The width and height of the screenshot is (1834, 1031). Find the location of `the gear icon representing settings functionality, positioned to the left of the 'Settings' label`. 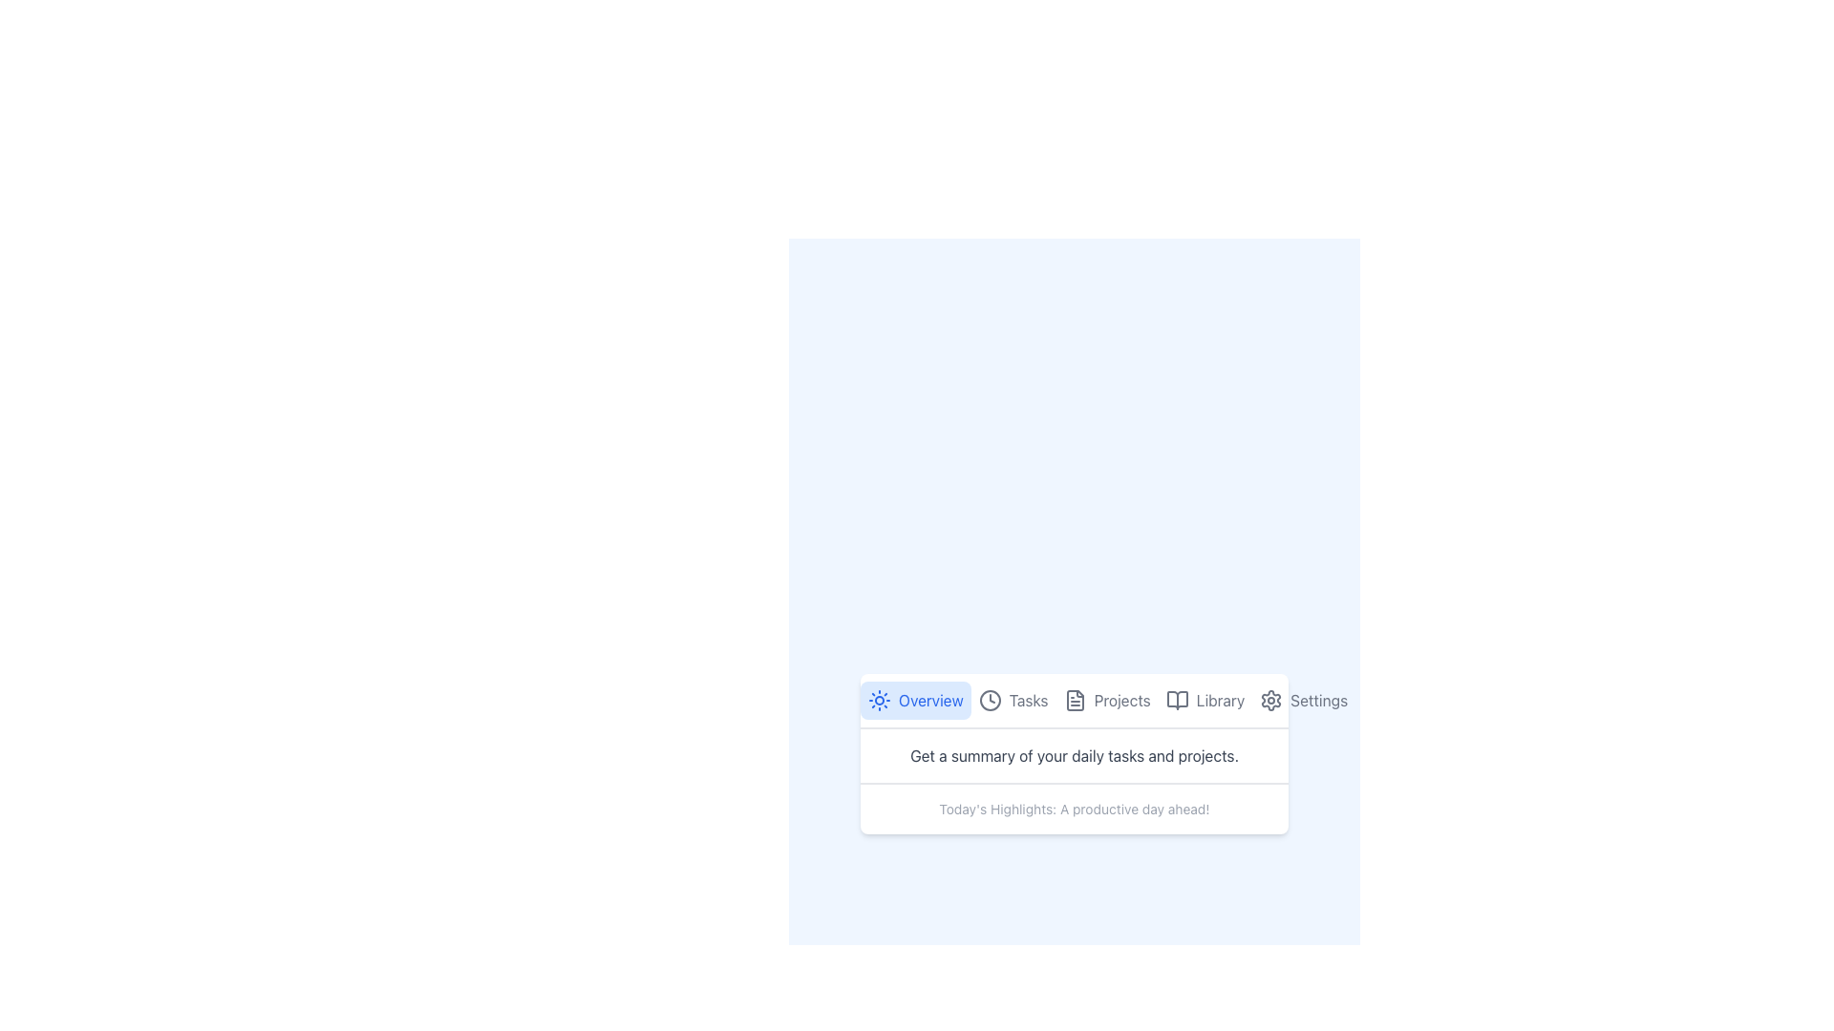

the gear icon representing settings functionality, positioned to the left of the 'Settings' label is located at coordinates (1271, 700).